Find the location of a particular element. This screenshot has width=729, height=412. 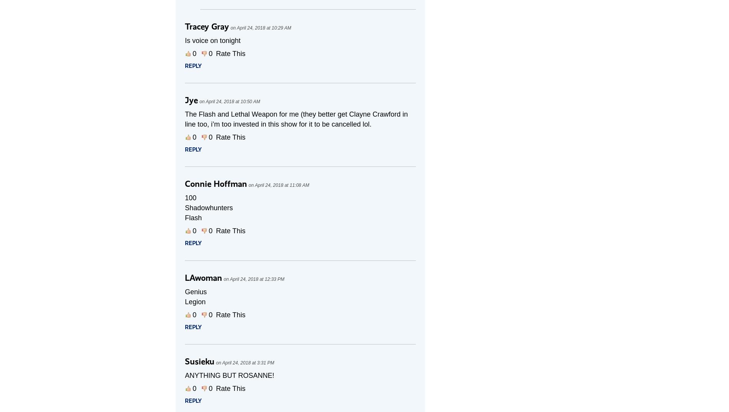

'Tracey Gray' is located at coordinates (207, 26).